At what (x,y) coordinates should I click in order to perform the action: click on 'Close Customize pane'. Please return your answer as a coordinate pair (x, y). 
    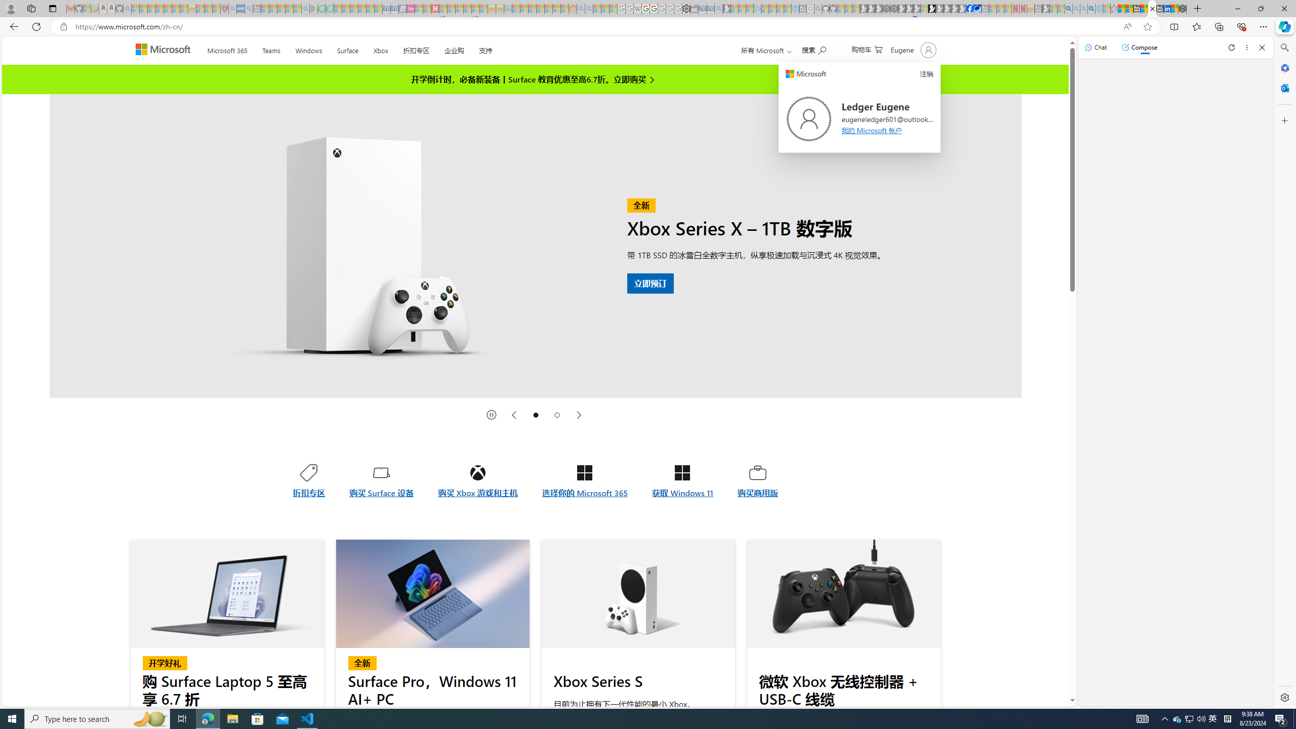
    Looking at the image, I should click on (1283, 120).